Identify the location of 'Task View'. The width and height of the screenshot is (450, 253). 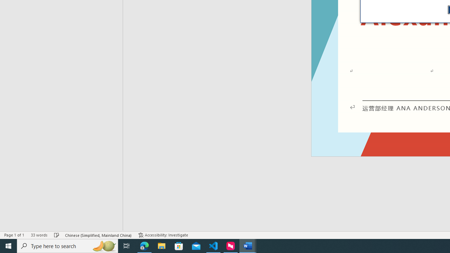
(126, 245).